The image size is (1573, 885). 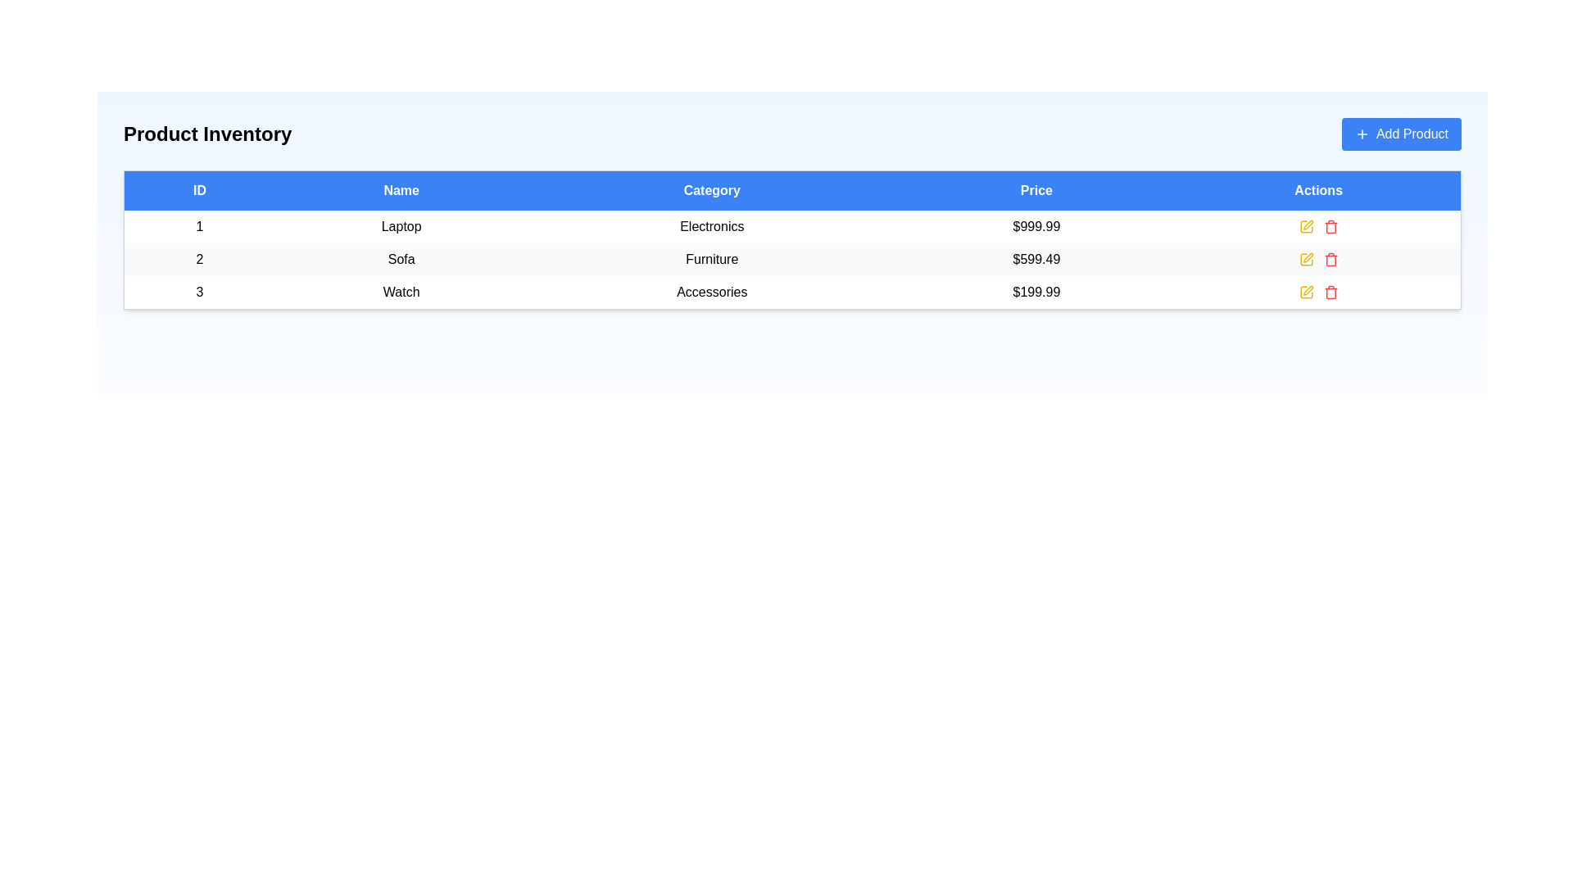 I want to click on the Edit icon button located in the Actions column of the second row in the product table, so click(x=1305, y=258).